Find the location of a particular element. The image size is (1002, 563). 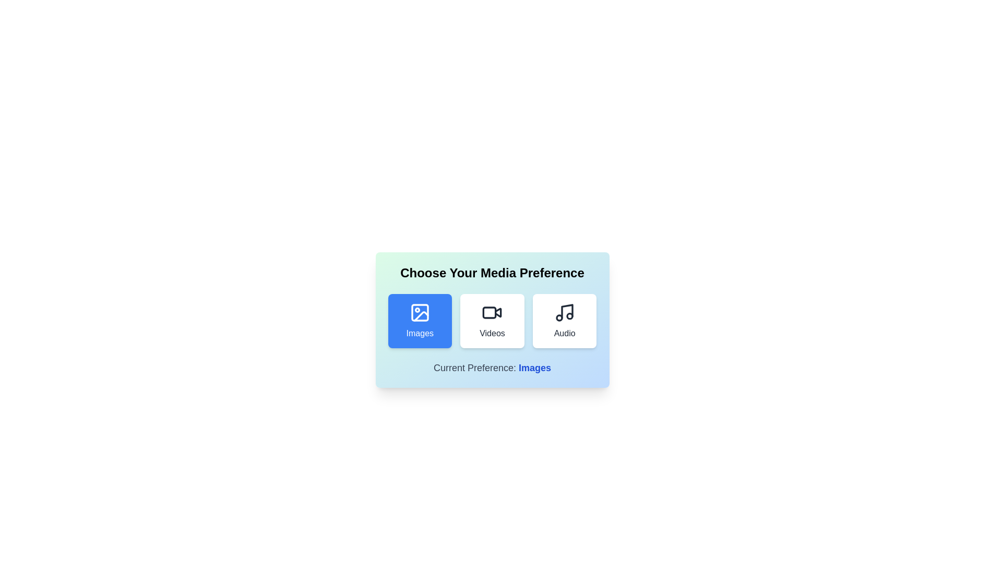

the media preference Audio by clicking on the corresponding button is located at coordinates (564, 321).